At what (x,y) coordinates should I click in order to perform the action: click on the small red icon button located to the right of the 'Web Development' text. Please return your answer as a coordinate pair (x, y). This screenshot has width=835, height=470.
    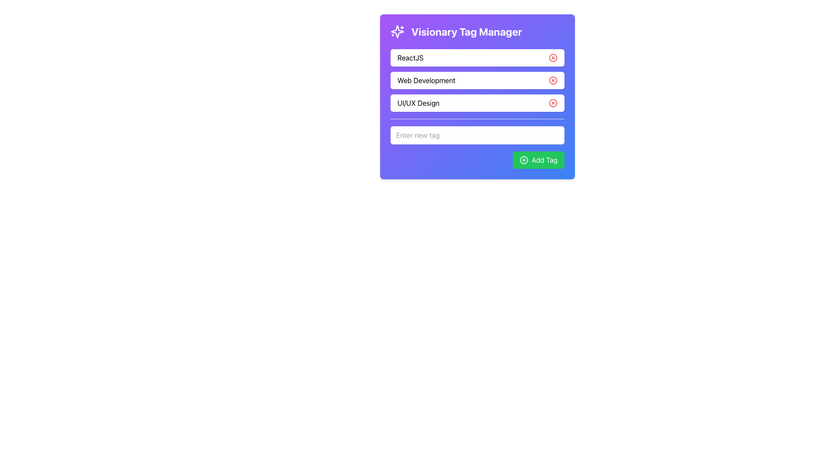
    Looking at the image, I should click on (553, 81).